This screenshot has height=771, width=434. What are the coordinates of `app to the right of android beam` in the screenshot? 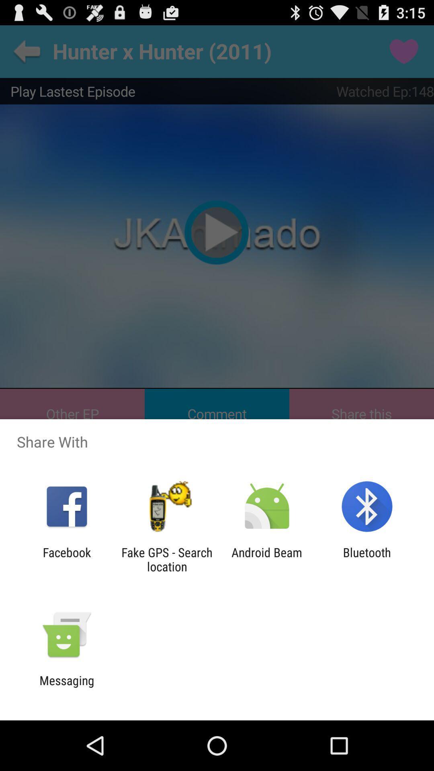 It's located at (367, 559).